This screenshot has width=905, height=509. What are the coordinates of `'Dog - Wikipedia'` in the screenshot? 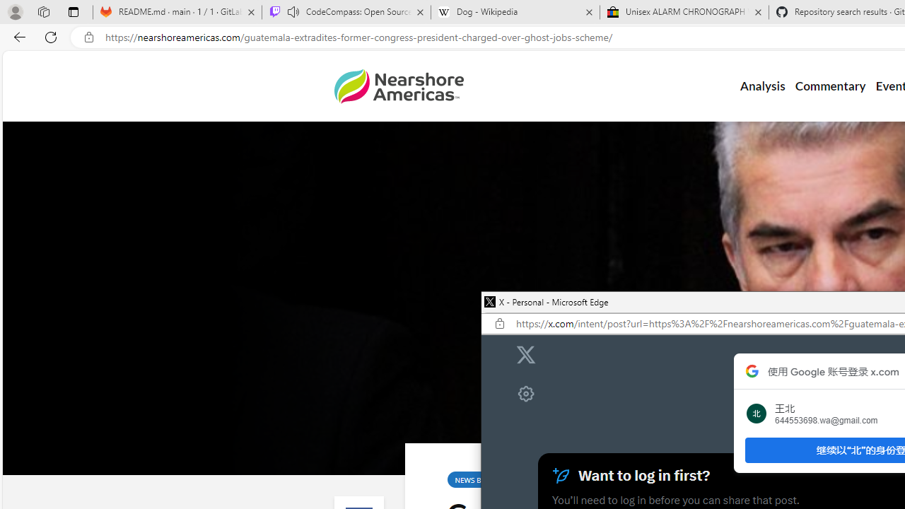 It's located at (515, 12).